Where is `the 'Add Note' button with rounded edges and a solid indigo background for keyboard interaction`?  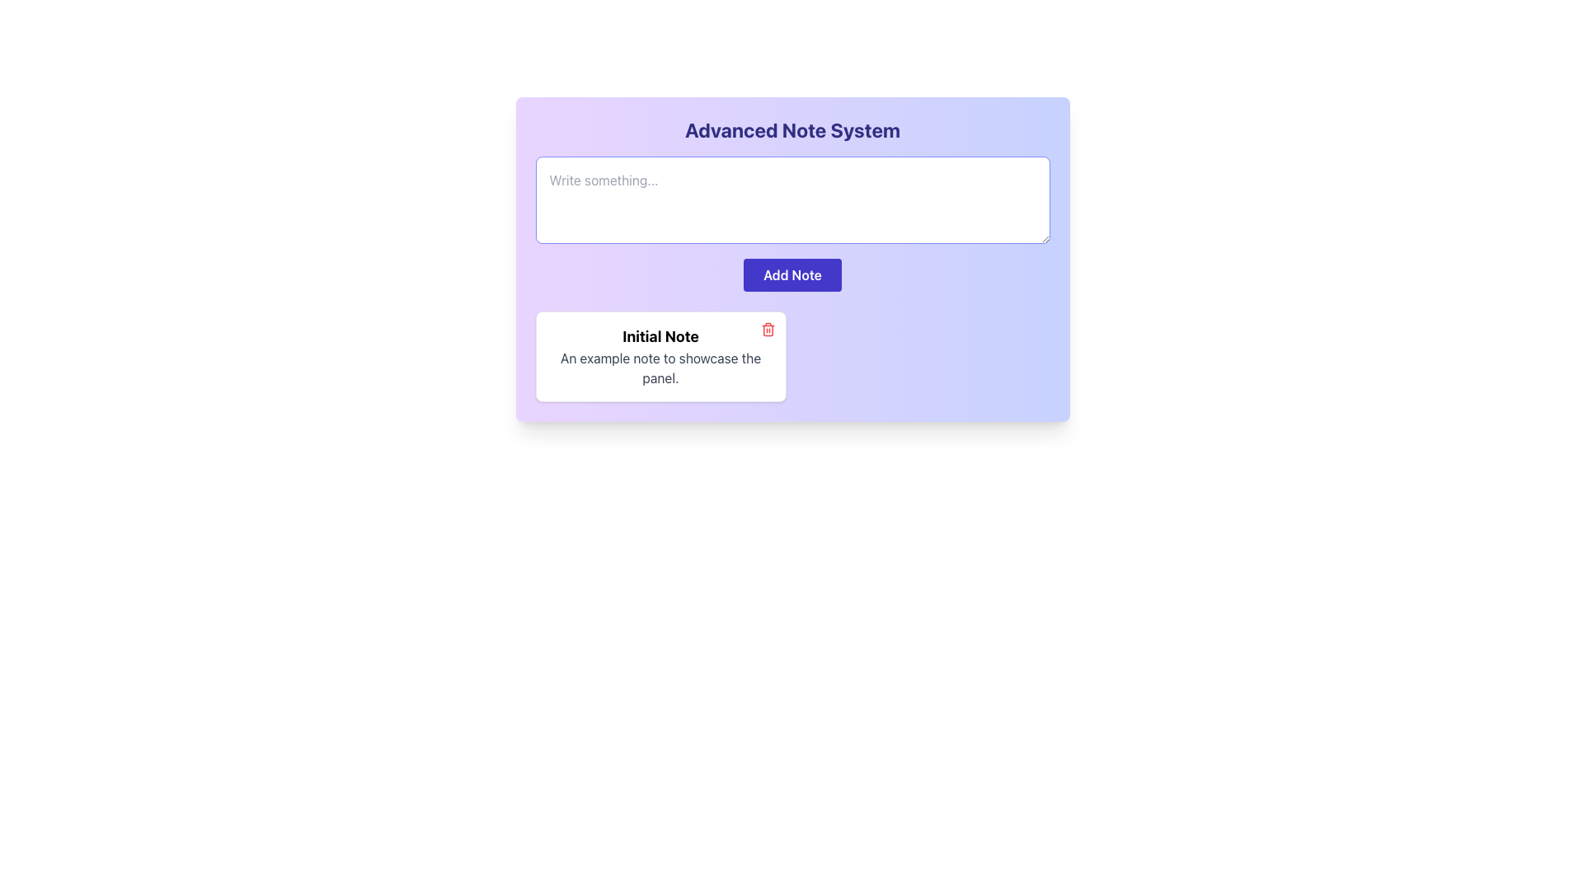 the 'Add Note' button with rounded edges and a solid indigo background for keyboard interaction is located at coordinates (792, 274).